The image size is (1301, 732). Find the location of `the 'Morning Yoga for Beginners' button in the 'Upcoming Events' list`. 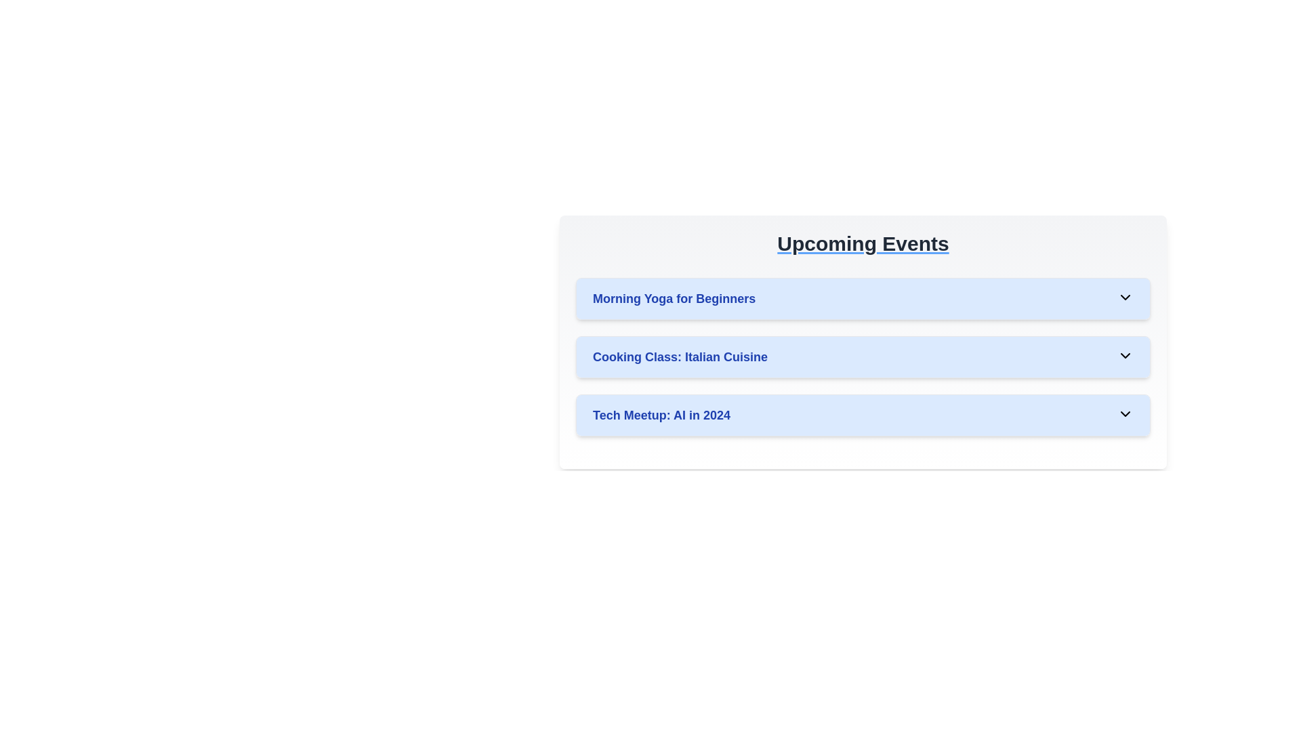

the 'Morning Yoga for Beginners' button in the 'Upcoming Events' list is located at coordinates (862, 298).